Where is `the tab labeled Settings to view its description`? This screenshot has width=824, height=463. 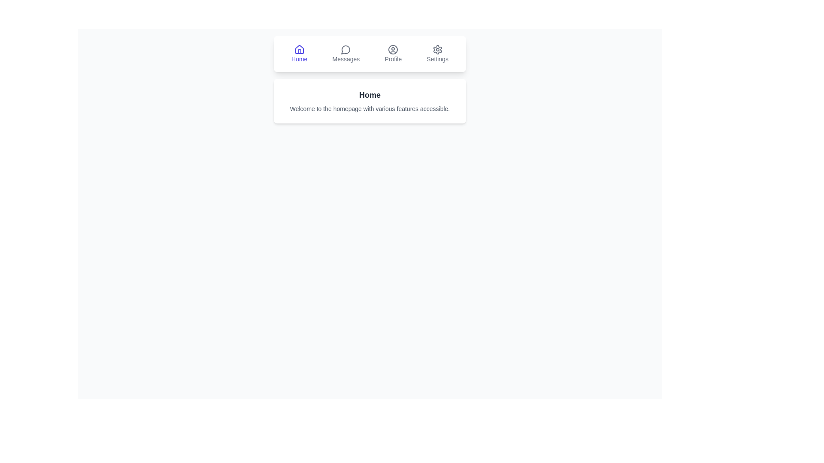 the tab labeled Settings to view its description is located at coordinates (437, 54).